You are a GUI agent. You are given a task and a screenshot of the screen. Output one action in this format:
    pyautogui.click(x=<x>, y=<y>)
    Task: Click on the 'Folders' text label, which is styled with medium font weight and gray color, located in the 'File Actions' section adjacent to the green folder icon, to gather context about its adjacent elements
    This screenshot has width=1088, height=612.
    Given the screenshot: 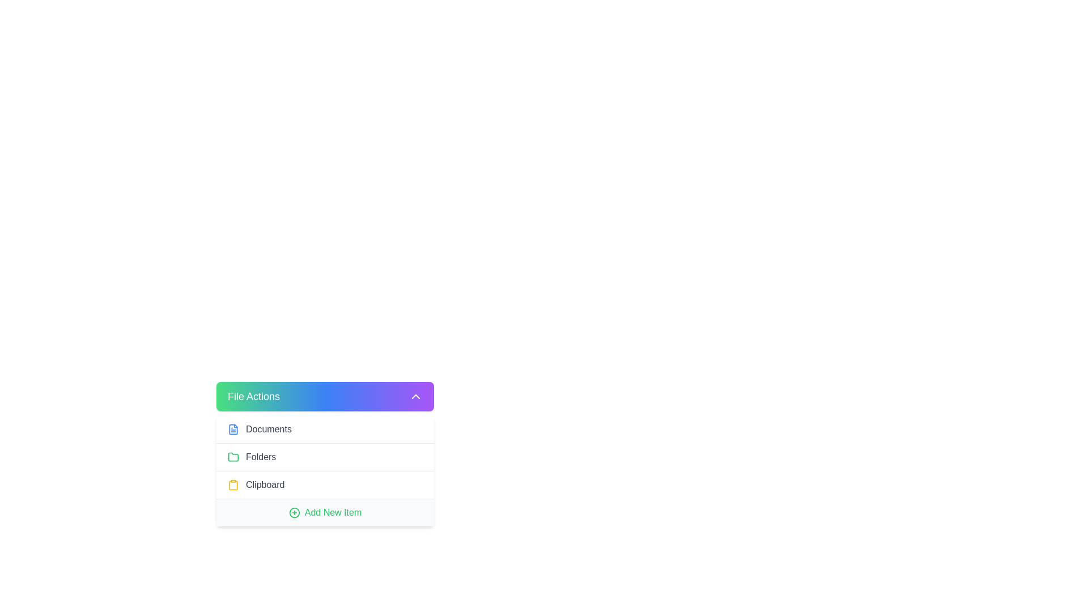 What is the action you would take?
    pyautogui.click(x=260, y=456)
    